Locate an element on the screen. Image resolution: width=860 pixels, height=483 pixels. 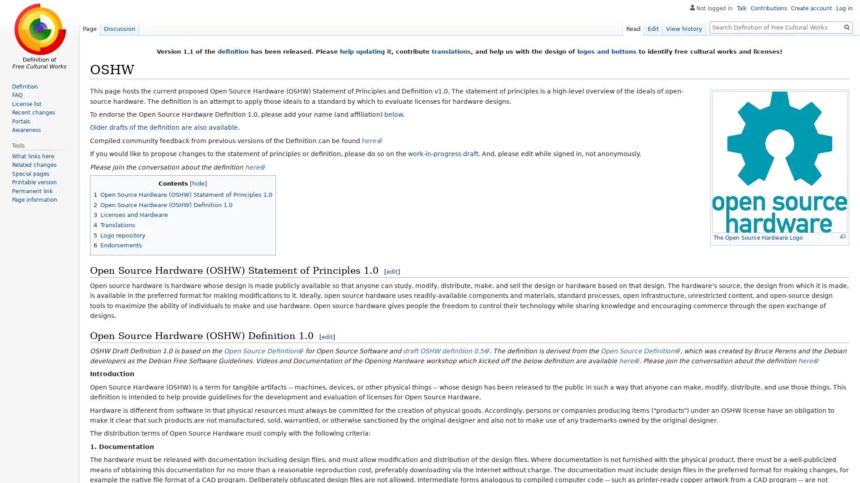
Go is located at coordinates (847, 27).